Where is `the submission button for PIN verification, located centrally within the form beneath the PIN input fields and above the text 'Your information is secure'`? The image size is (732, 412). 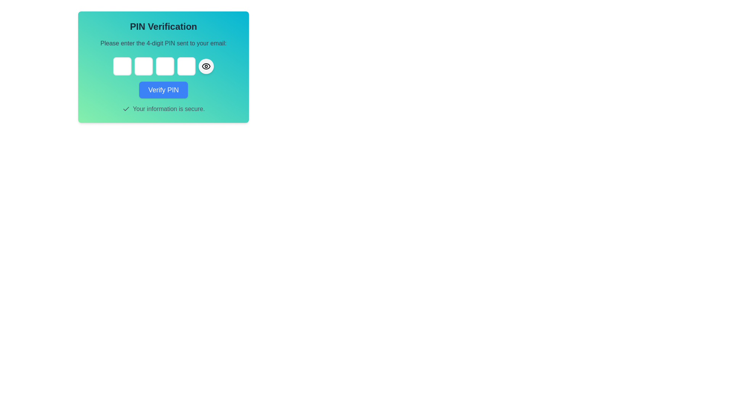
the submission button for PIN verification, located centrally within the form beneath the PIN input fields and above the text 'Your information is secure' is located at coordinates (163, 89).